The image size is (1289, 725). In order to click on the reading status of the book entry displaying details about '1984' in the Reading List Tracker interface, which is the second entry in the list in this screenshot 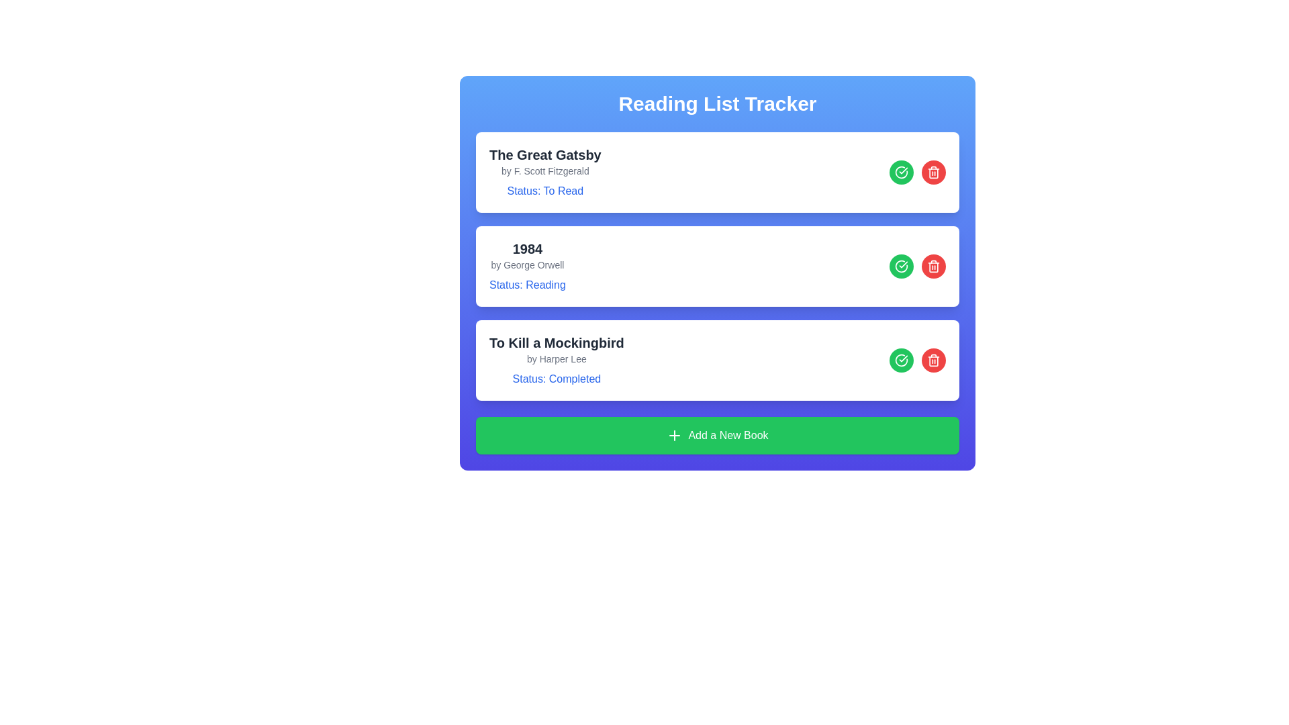, I will do `click(526, 267)`.